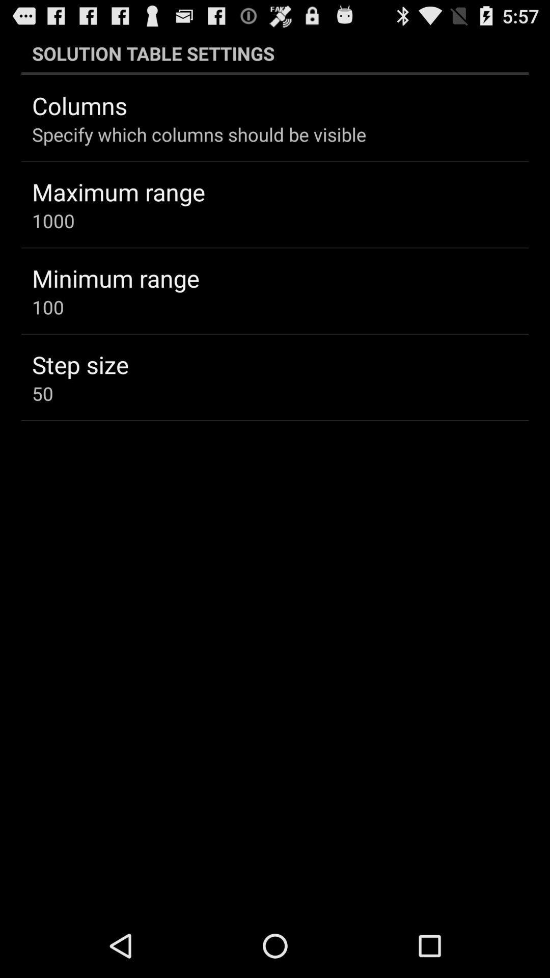 This screenshot has height=978, width=550. I want to click on 1000 app, so click(53, 220).